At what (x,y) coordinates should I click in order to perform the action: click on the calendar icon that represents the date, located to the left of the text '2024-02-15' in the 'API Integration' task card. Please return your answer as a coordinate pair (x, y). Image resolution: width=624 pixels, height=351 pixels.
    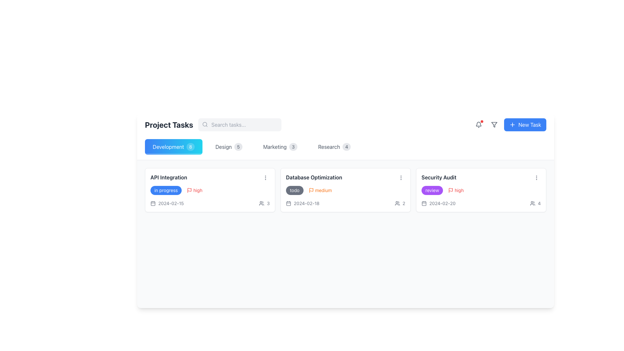
    Looking at the image, I should click on (152, 203).